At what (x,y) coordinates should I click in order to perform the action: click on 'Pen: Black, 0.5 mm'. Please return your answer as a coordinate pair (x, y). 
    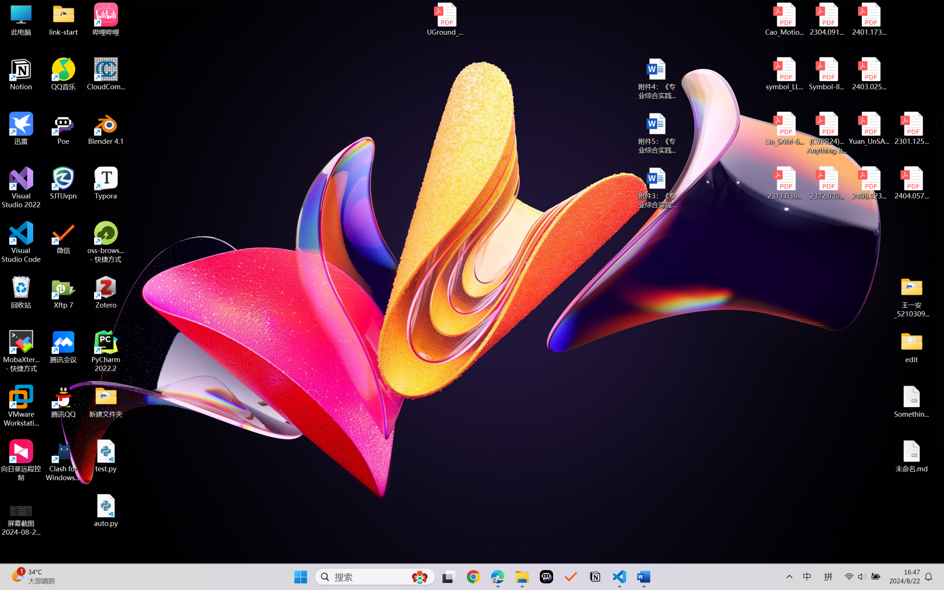
    Looking at the image, I should click on (103, 64).